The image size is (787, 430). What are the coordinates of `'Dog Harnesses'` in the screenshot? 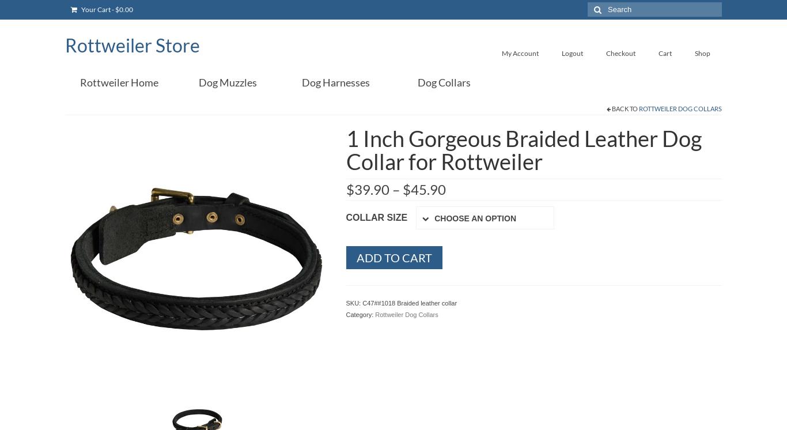 It's located at (335, 82).